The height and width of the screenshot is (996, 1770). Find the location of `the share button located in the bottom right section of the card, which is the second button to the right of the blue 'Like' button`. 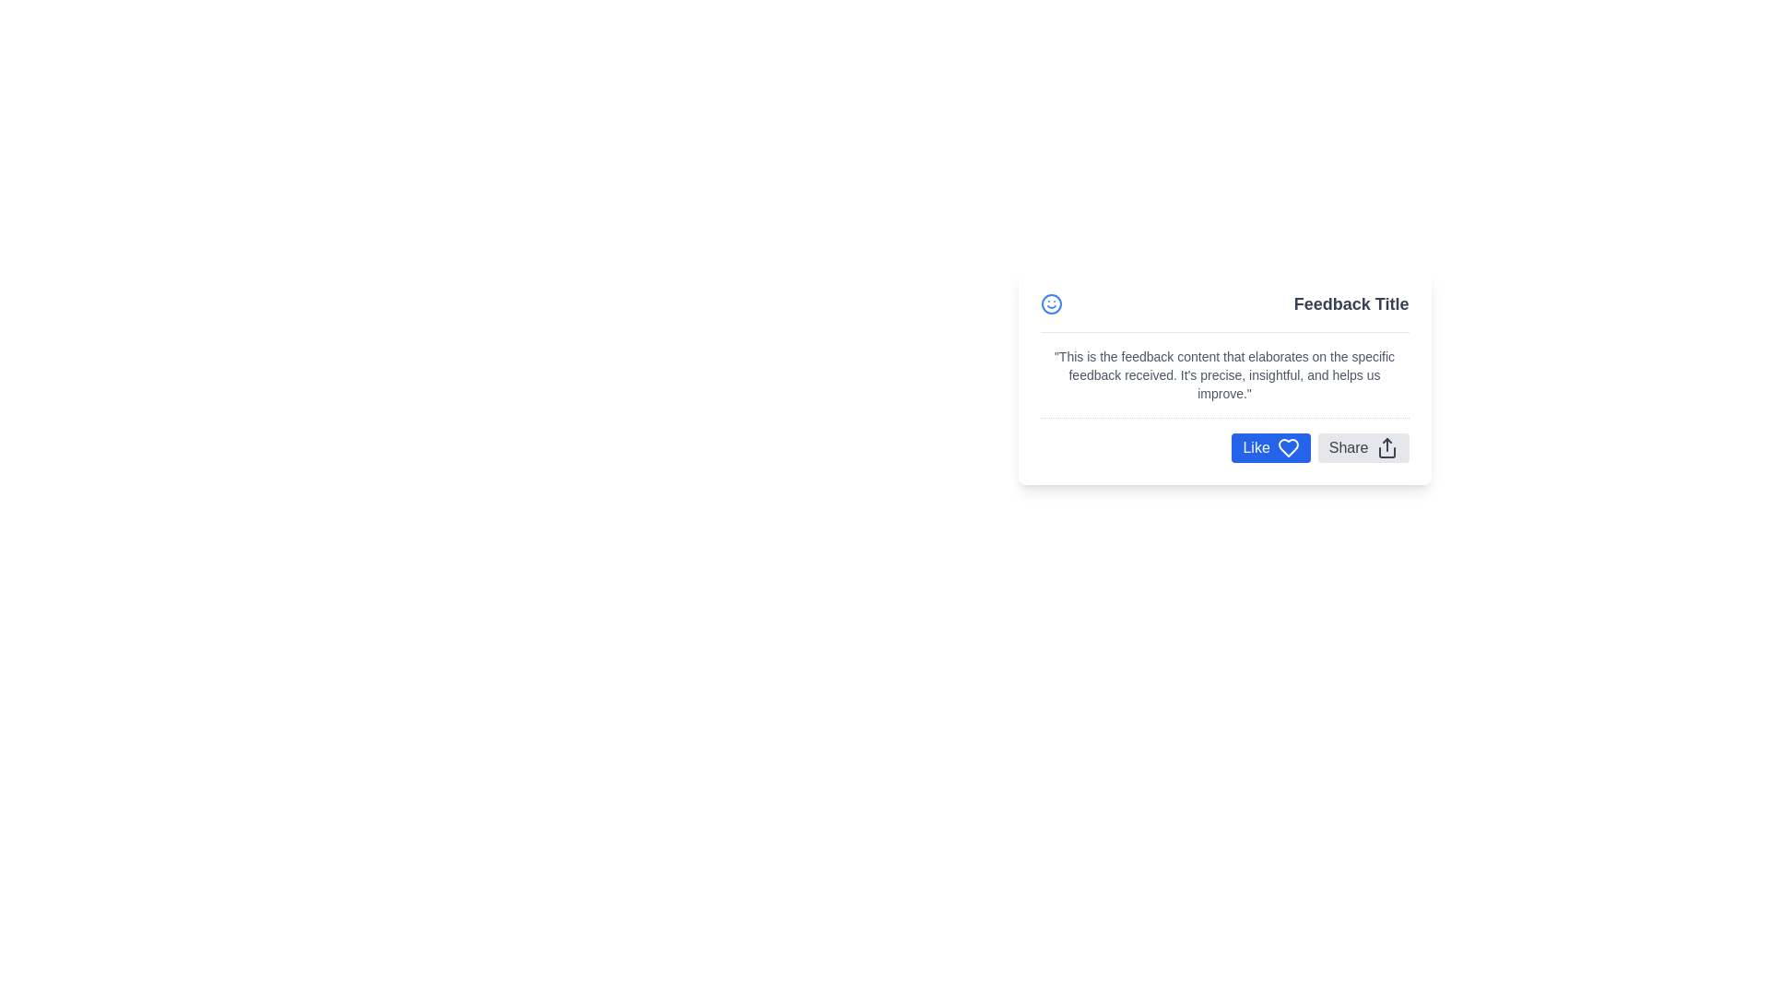

the share button located in the bottom right section of the card, which is the second button to the right of the blue 'Like' button is located at coordinates (1363, 448).